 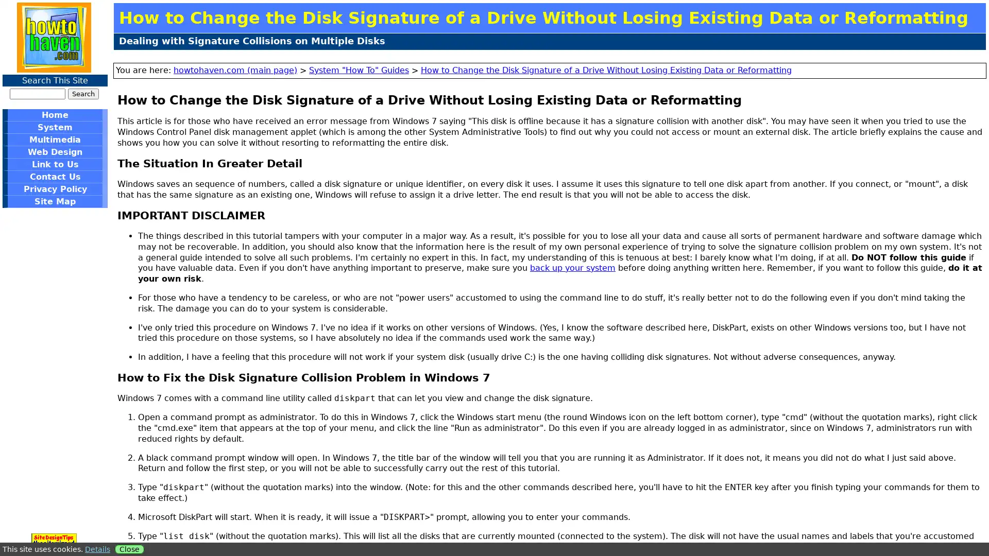 I want to click on Search, so click(x=83, y=94).